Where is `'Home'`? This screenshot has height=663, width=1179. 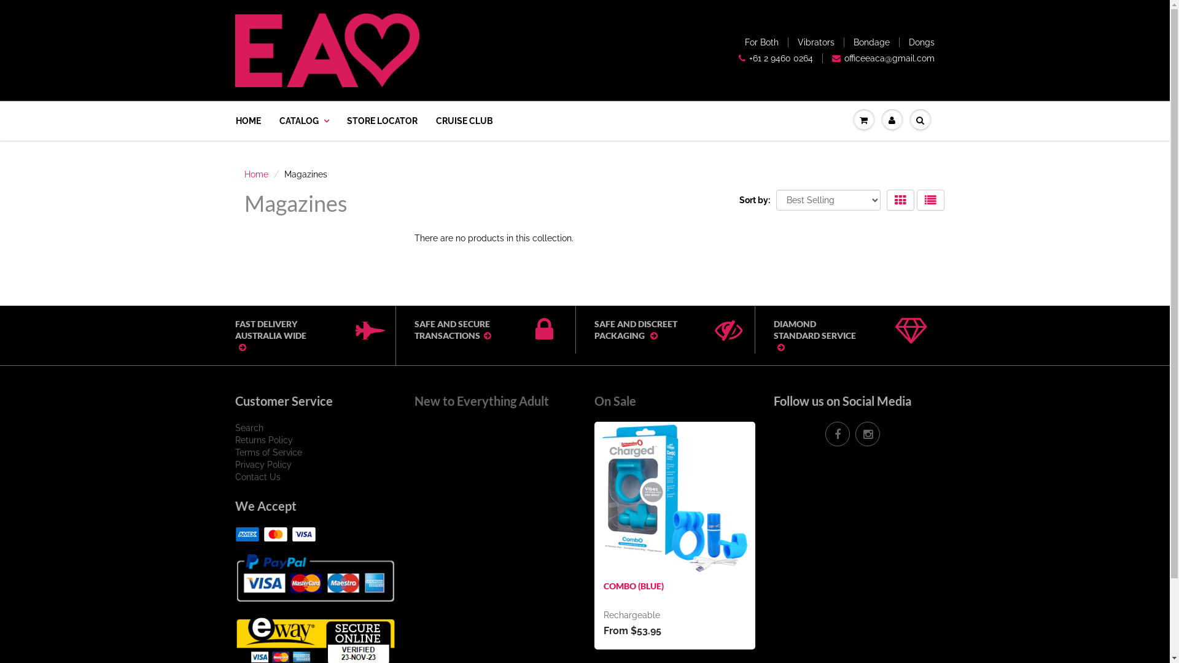 'Home' is located at coordinates (255, 174).